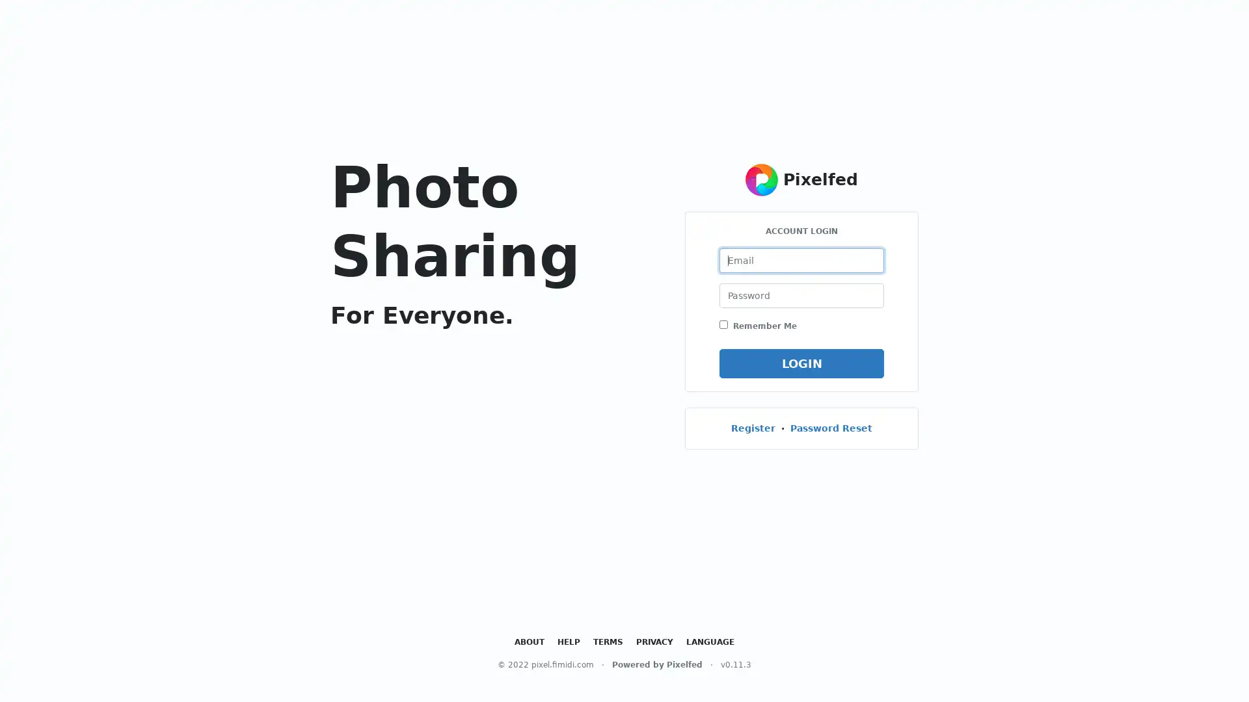 The width and height of the screenshot is (1249, 702). Describe the element at coordinates (801, 363) in the screenshot. I see `LOGIN` at that location.